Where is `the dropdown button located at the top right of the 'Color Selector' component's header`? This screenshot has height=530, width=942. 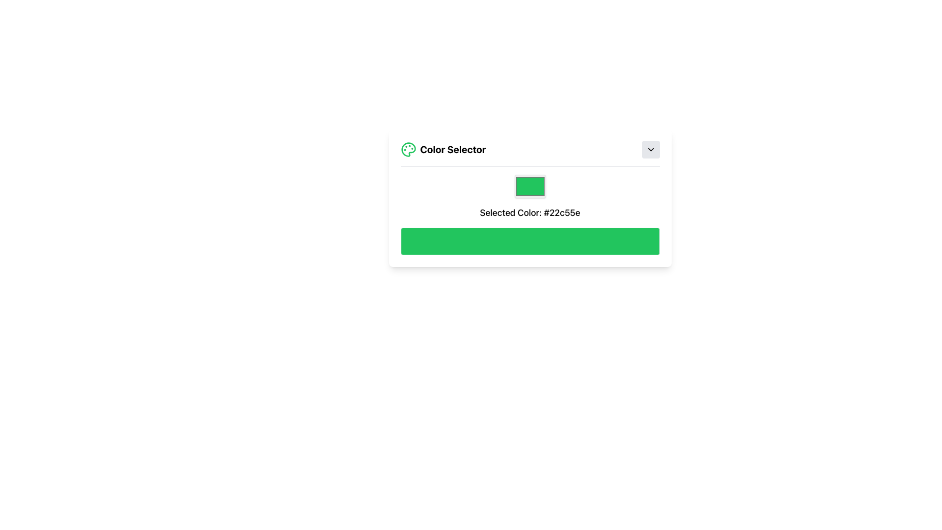 the dropdown button located at the top right of the 'Color Selector' component's header is located at coordinates (651, 149).